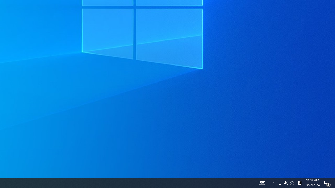  Describe the element at coordinates (327, 182) in the screenshot. I see `'Action Center, 2 new notifications'` at that location.